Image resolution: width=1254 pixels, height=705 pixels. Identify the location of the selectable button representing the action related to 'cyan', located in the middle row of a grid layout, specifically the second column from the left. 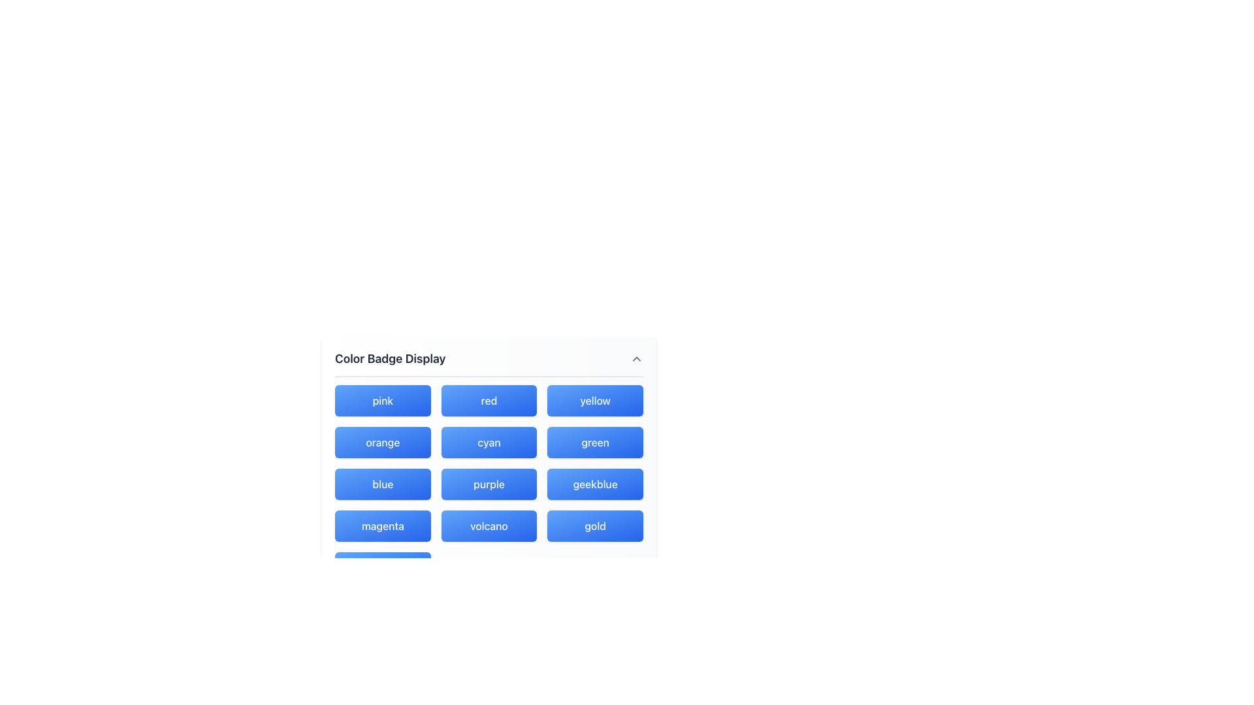
(488, 442).